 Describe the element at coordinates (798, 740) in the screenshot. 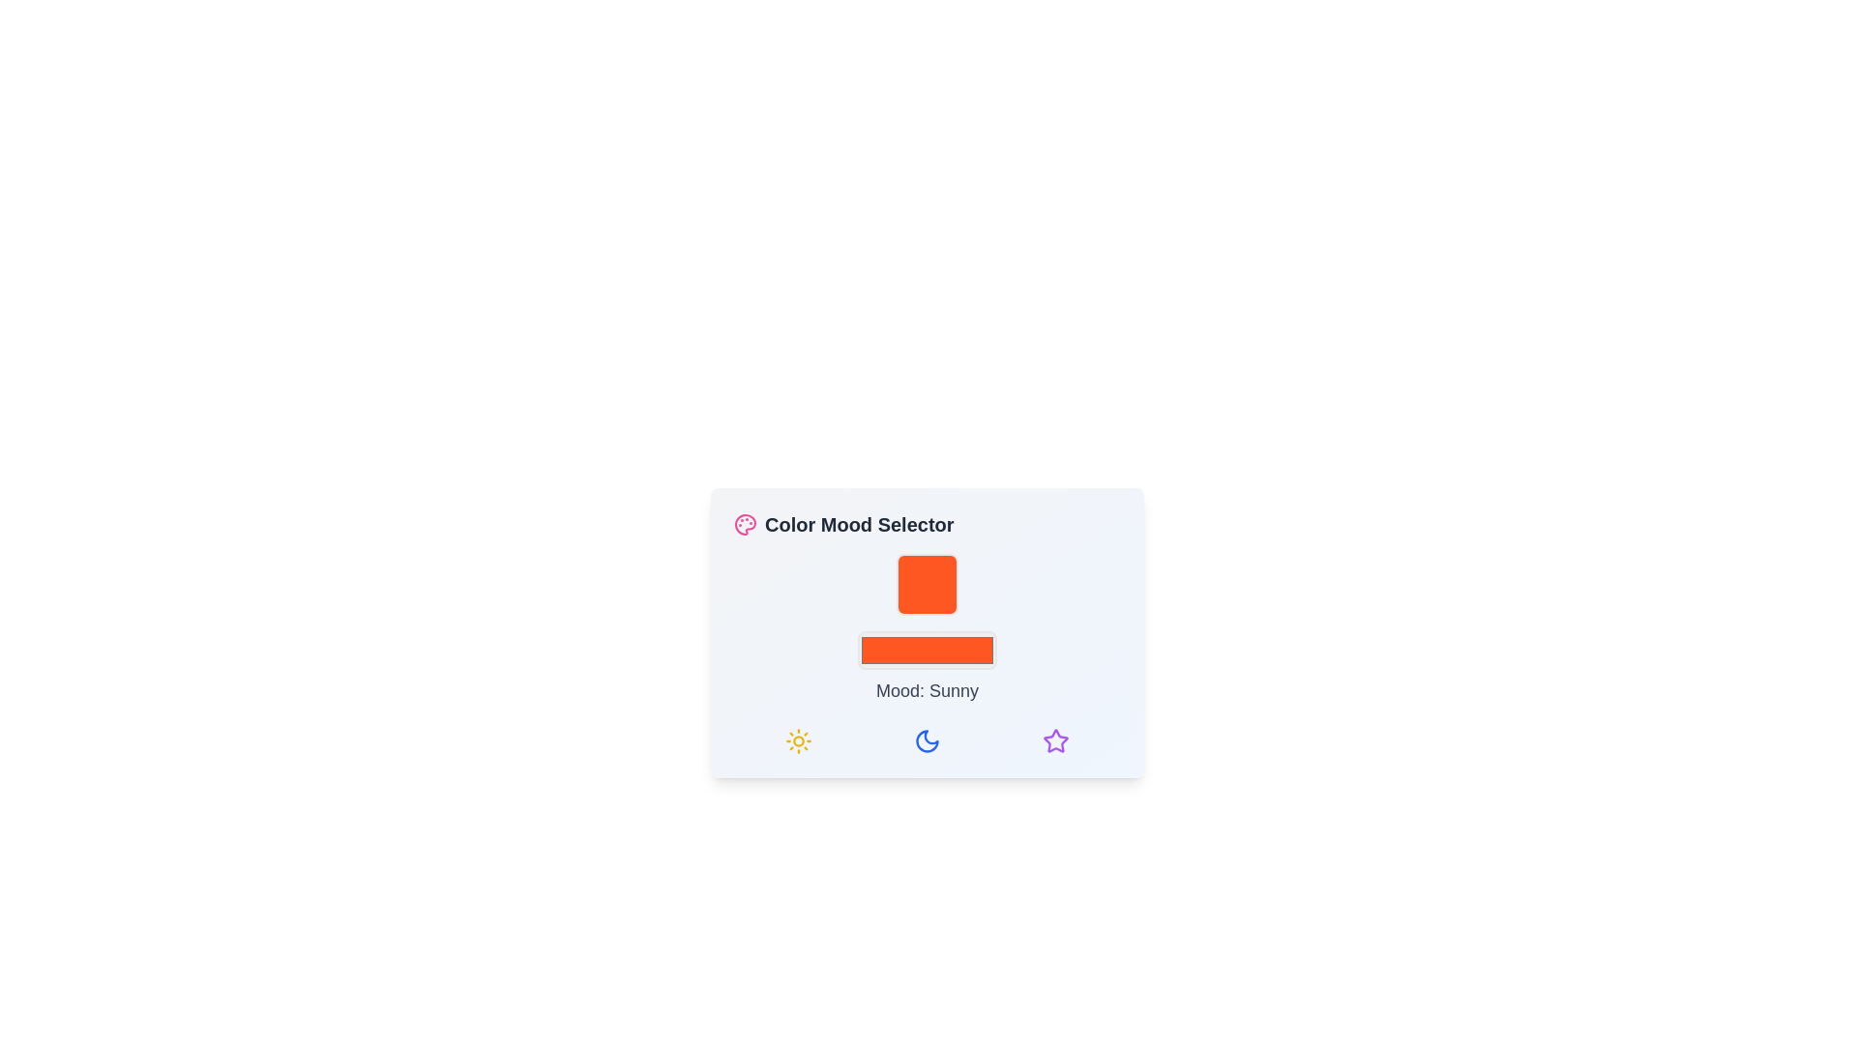

I see `the dark circular center of the sun icon located at the bottom-left corner of the interface` at that location.